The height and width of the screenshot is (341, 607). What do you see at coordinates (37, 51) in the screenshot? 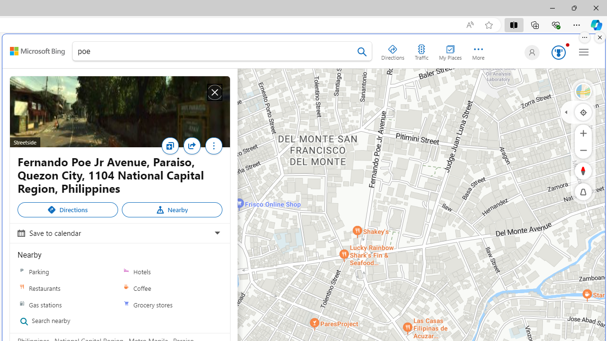
I see `'Class: sbElement'` at bounding box center [37, 51].